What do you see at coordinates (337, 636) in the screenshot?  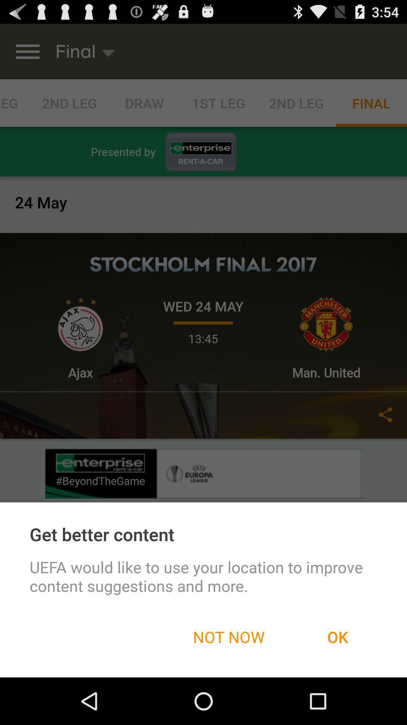 I see `item below the uefa would like item` at bounding box center [337, 636].